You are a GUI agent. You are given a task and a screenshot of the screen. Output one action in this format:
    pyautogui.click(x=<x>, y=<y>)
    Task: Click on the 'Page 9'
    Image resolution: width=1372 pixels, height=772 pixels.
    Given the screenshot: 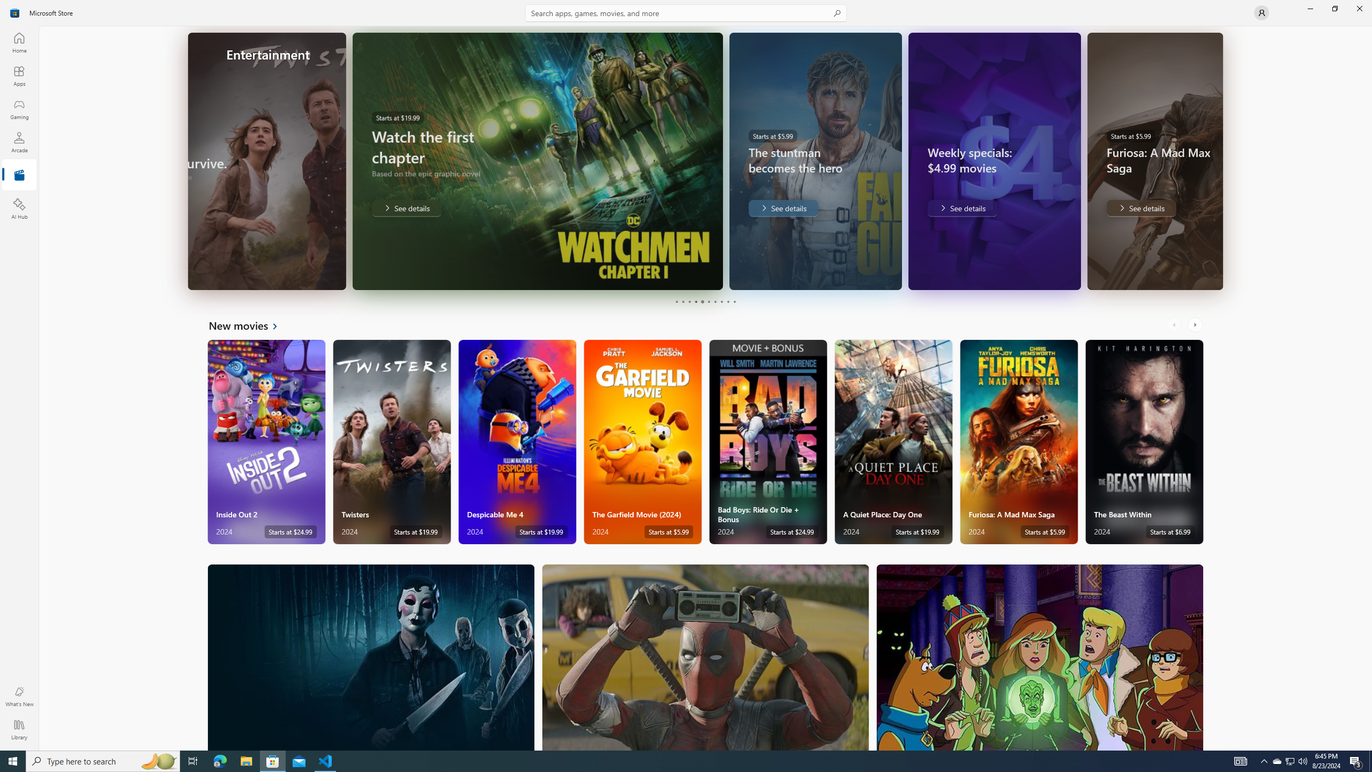 What is the action you would take?
    pyautogui.click(x=727, y=301)
    